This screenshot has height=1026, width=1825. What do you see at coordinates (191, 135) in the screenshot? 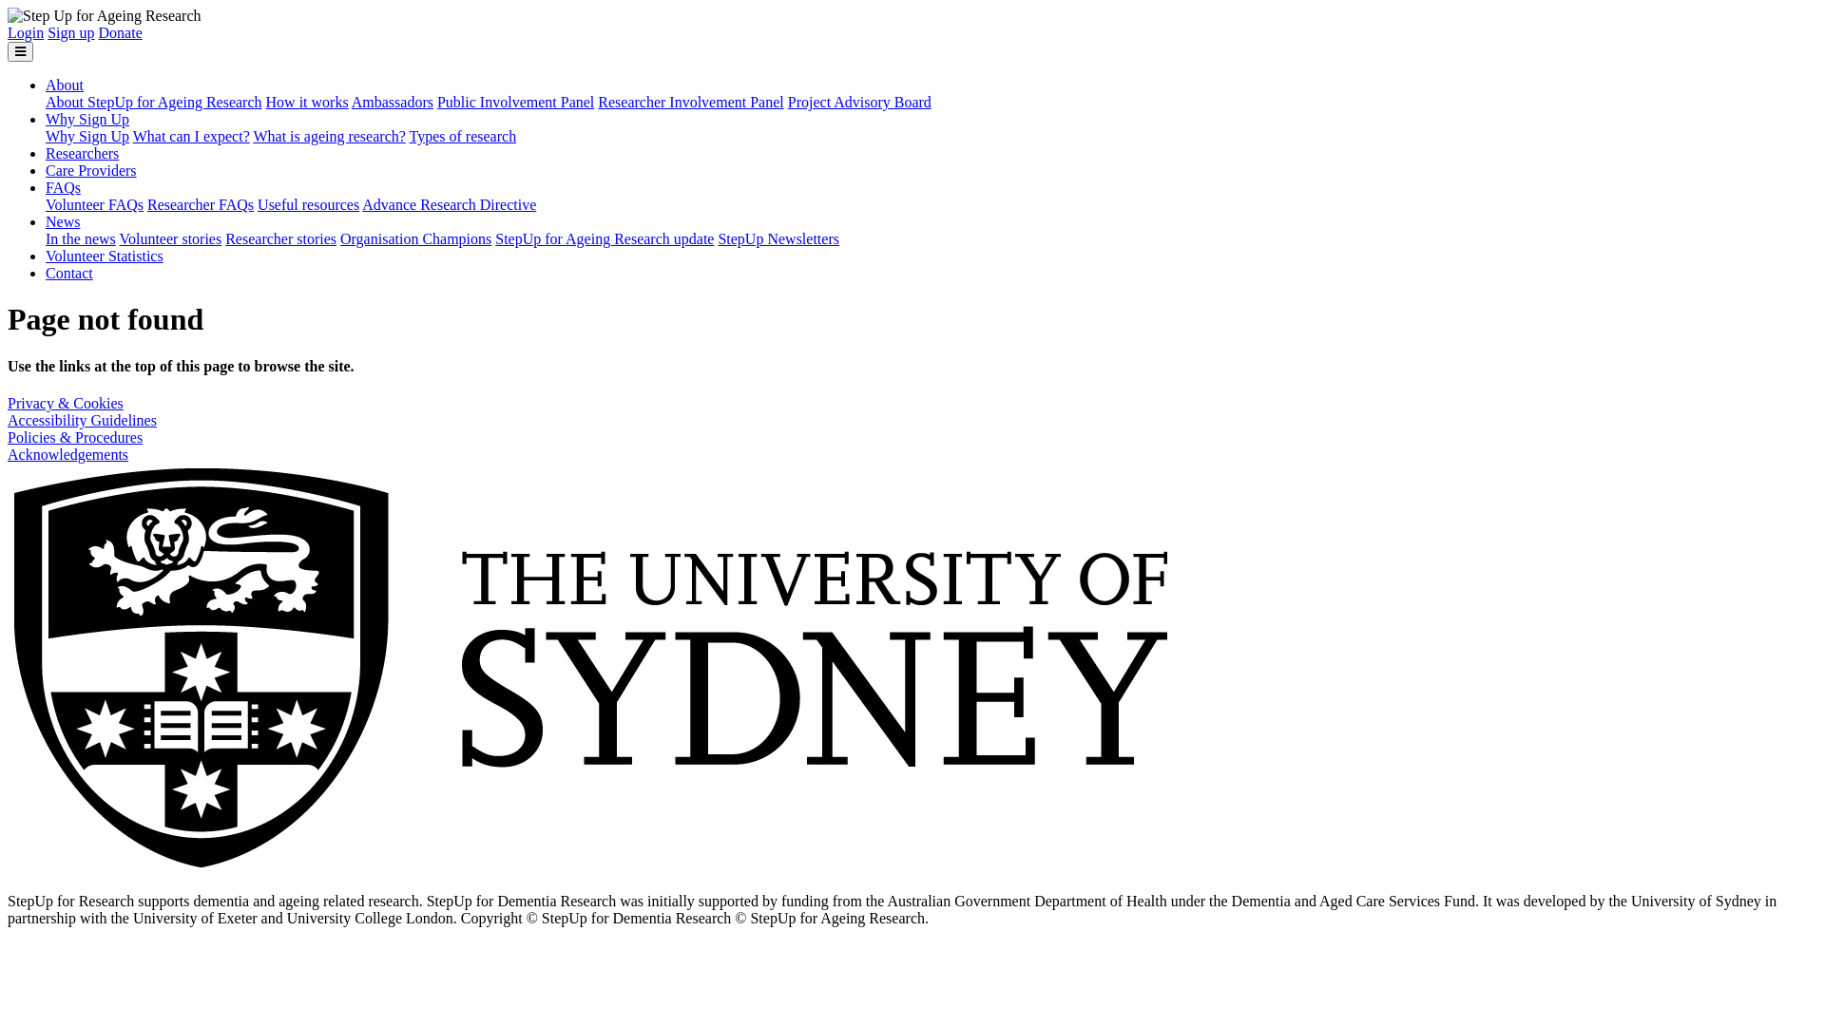
I see `'What can I expect?'` at bounding box center [191, 135].